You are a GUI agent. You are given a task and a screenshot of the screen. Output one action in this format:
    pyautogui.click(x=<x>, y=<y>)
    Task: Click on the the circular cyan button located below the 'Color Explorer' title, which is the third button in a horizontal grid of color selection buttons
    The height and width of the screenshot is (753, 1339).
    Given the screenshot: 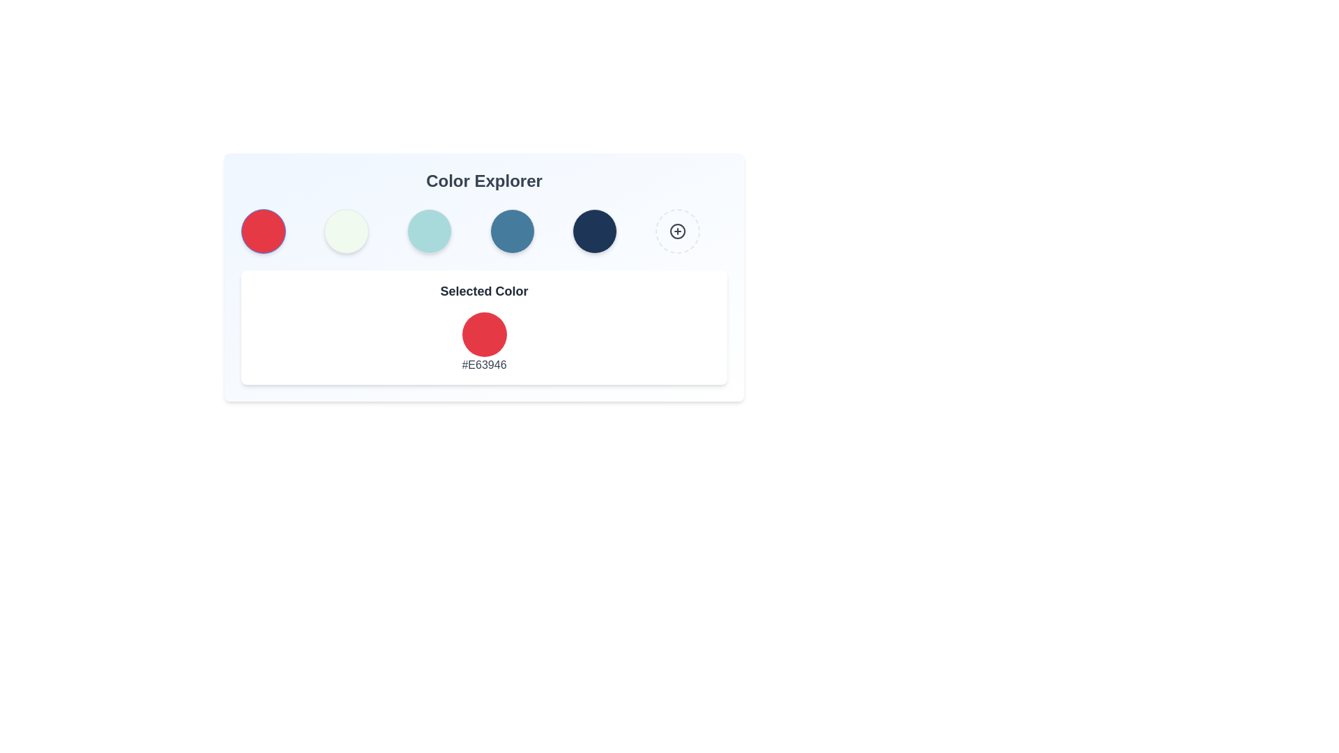 What is the action you would take?
    pyautogui.click(x=428, y=230)
    